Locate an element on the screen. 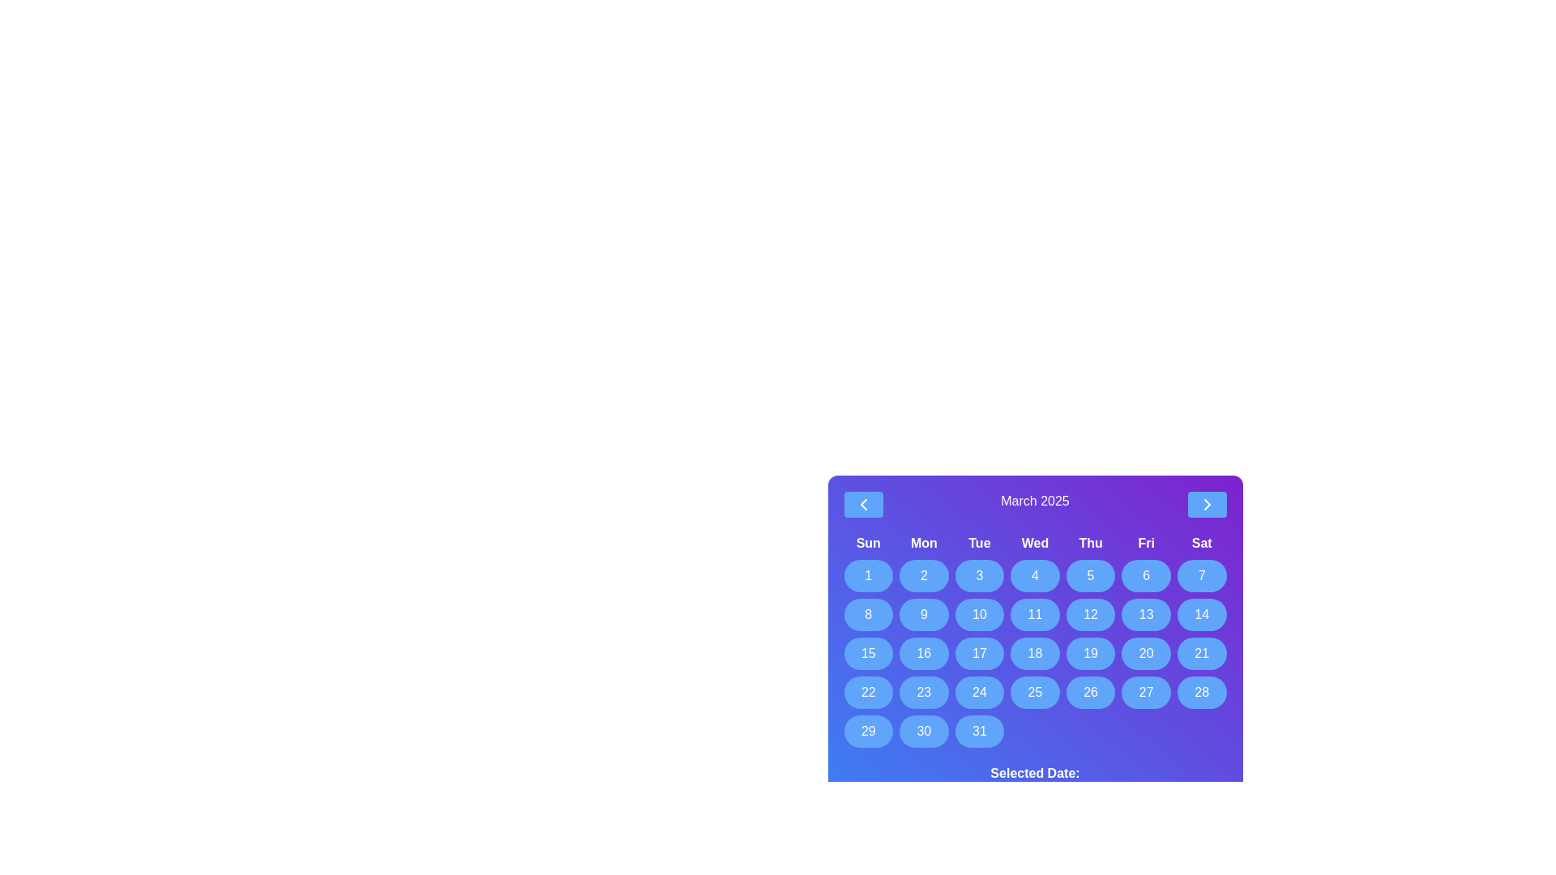 The image size is (1556, 875). the leftward-facing chevron icon within the circular button located at the top-left corner of the calendar interface is located at coordinates (862, 504).